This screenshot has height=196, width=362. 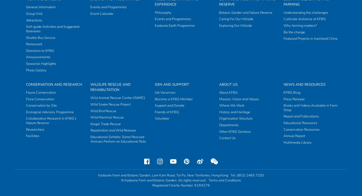 What do you see at coordinates (300, 19) in the screenshot?
I see `'Educational Resources'` at bounding box center [300, 19].